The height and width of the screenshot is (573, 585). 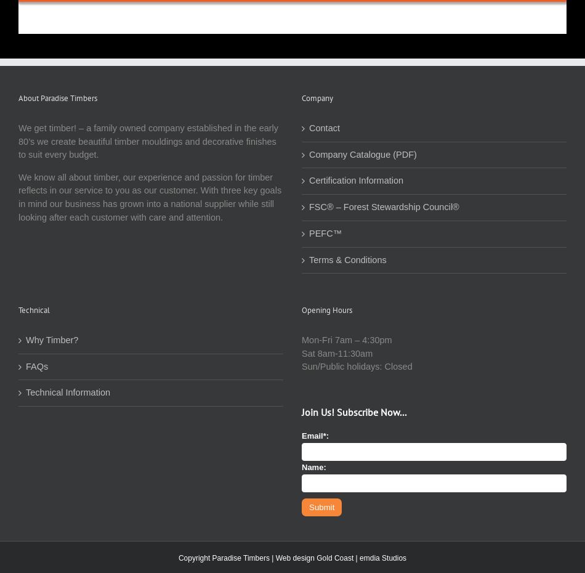 I want to click on 'Sun/Public holidays: Closed', so click(x=357, y=367).